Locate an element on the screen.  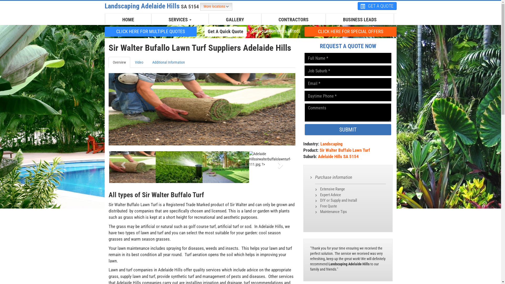
'Video' is located at coordinates (139, 62).